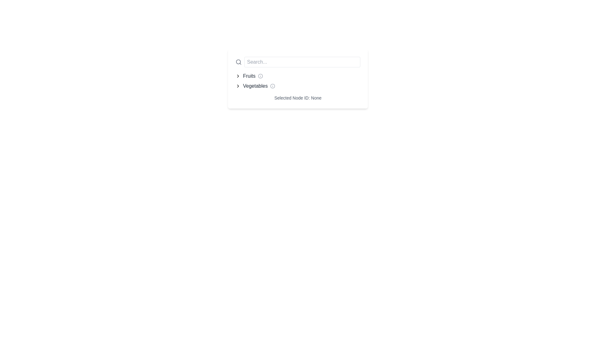  What do you see at coordinates (255, 86) in the screenshot?
I see `the 'Vegetables' category text label, which is located between a chevron icon and an info icon, and is part of a navigation structure below the 'Fruits' label` at bounding box center [255, 86].